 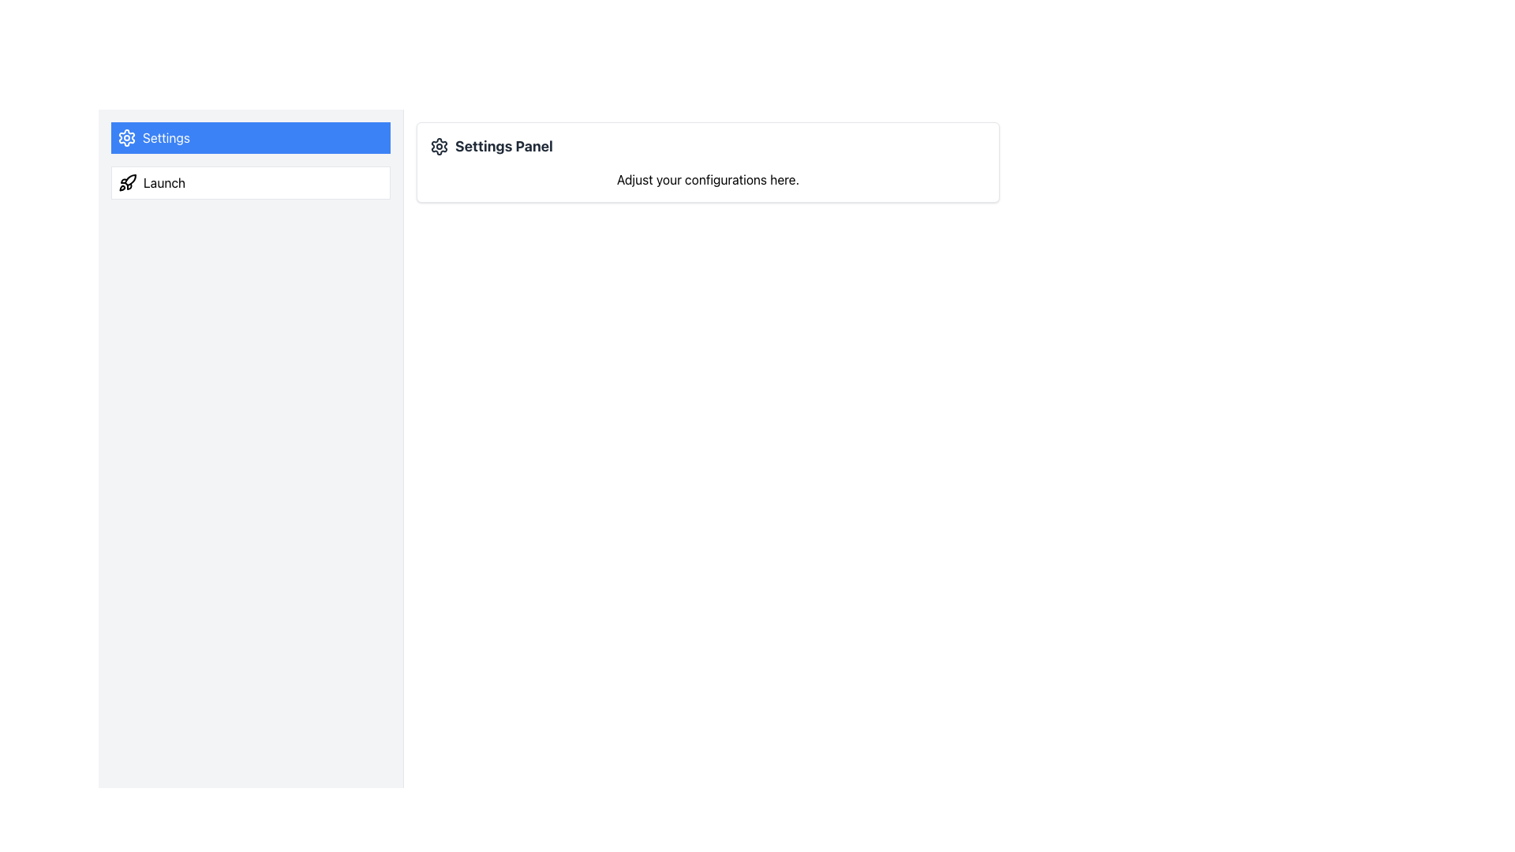 What do you see at coordinates (166, 136) in the screenshot?
I see `the 'Settings' text label, which indicates the functionality of the 'Settings' button in the vertical navigation menu, positioned to the right of the gear icon` at bounding box center [166, 136].